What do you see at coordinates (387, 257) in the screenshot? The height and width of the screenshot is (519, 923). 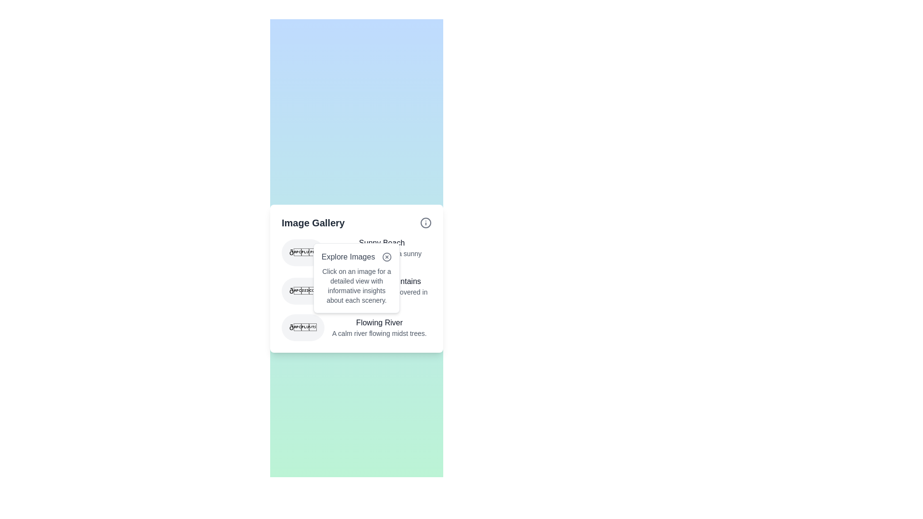 I see `the circular graphic located within the icon at the top right corner of the popup, adjacent to the label 'Explore Images'` at bounding box center [387, 257].